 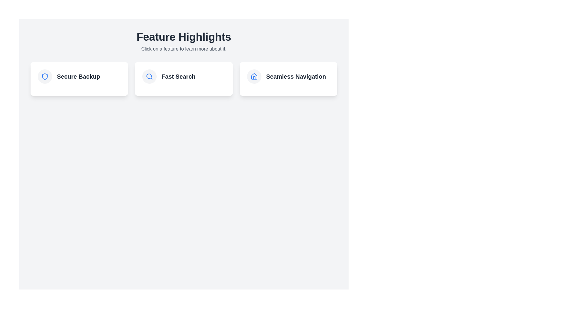 What do you see at coordinates (184, 49) in the screenshot?
I see `the static text label located below the 'Feature Highlights' heading, which serves as an informational prompt for users` at bounding box center [184, 49].